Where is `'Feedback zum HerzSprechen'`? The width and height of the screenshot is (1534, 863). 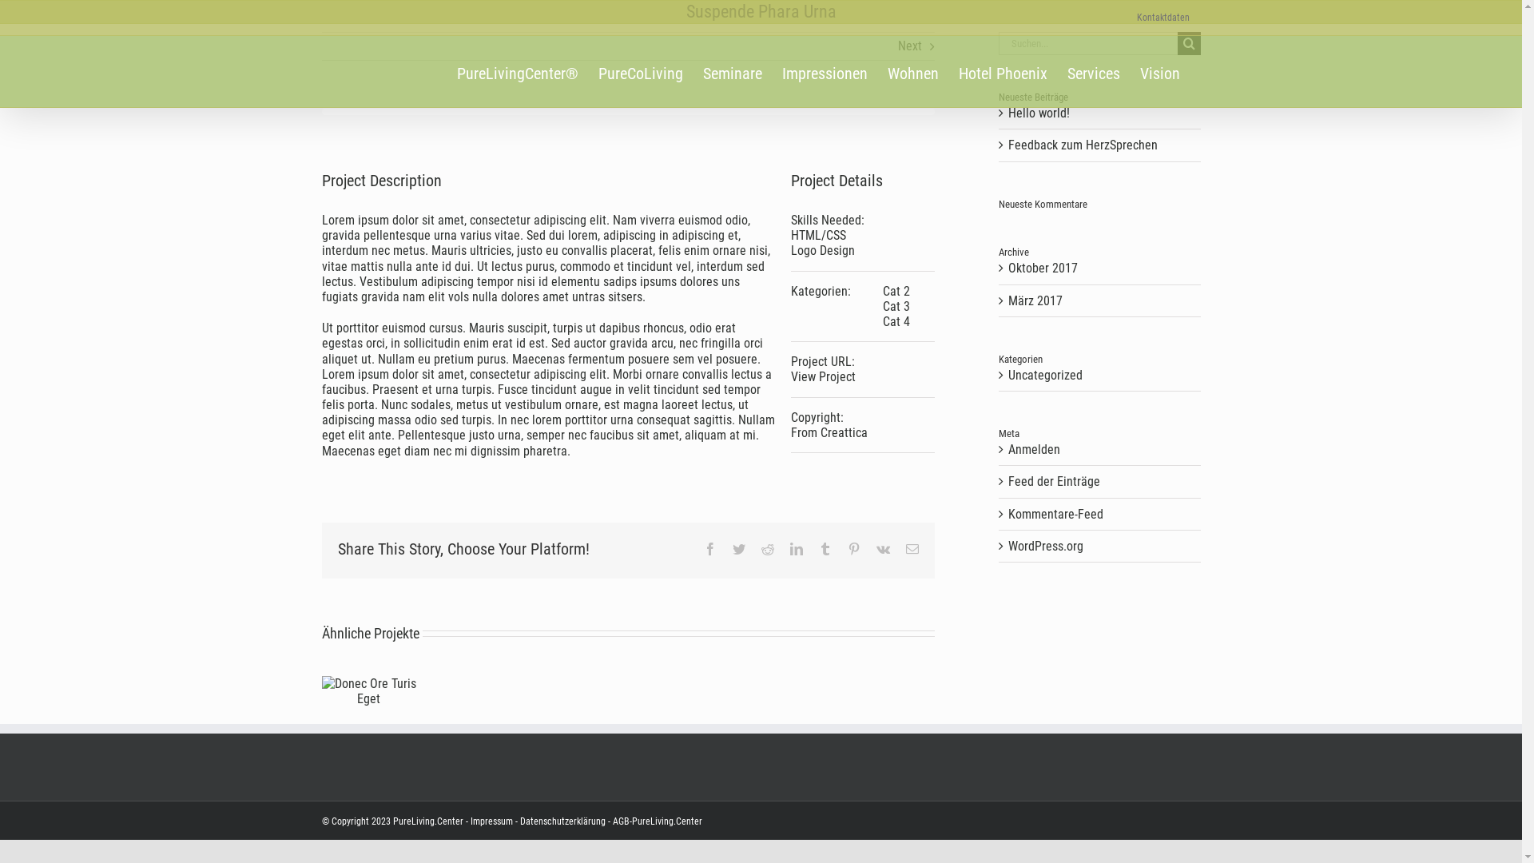
'Feedback zum HerzSprechen' is located at coordinates (1083, 145).